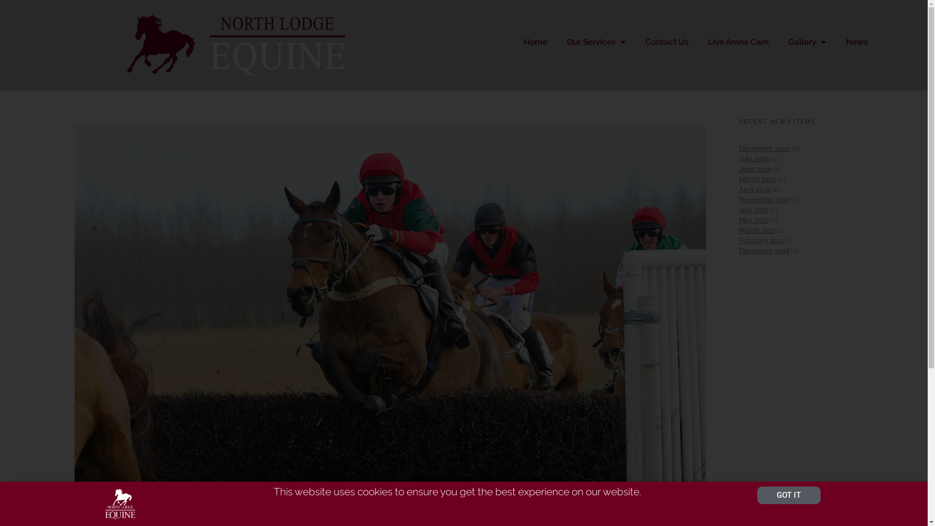  I want to click on 'Gallery', so click(807, 41).